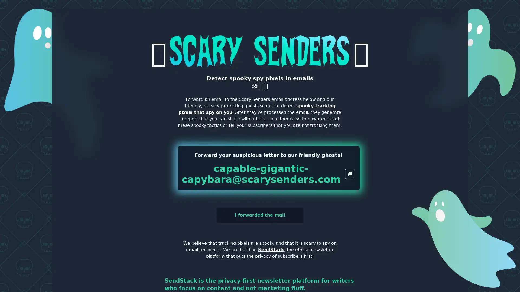 This screenshot has width=520, height=292. What do you see at coordinates (259, 215) in the screenshot?
I see `I forwarded the mail` at bounding box center [259, 215].